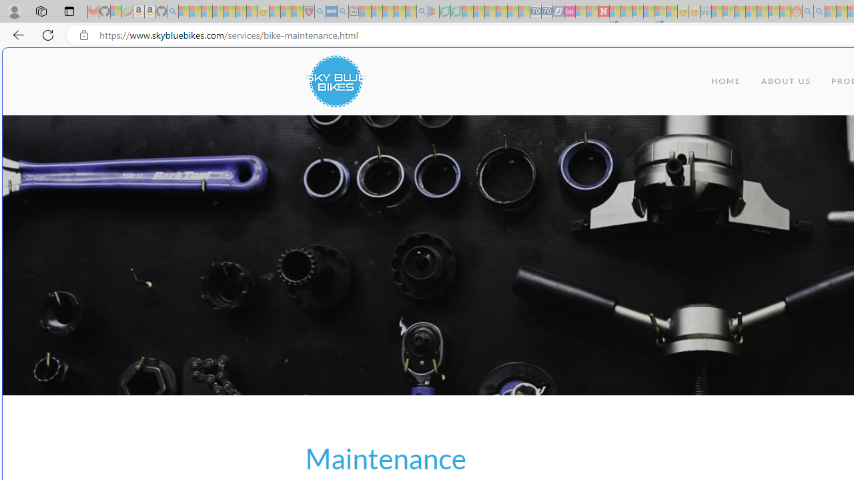 The image size is (854, 480). I want to click on 'Class: uk-navbar-item uk-logo', so click(336, 81).